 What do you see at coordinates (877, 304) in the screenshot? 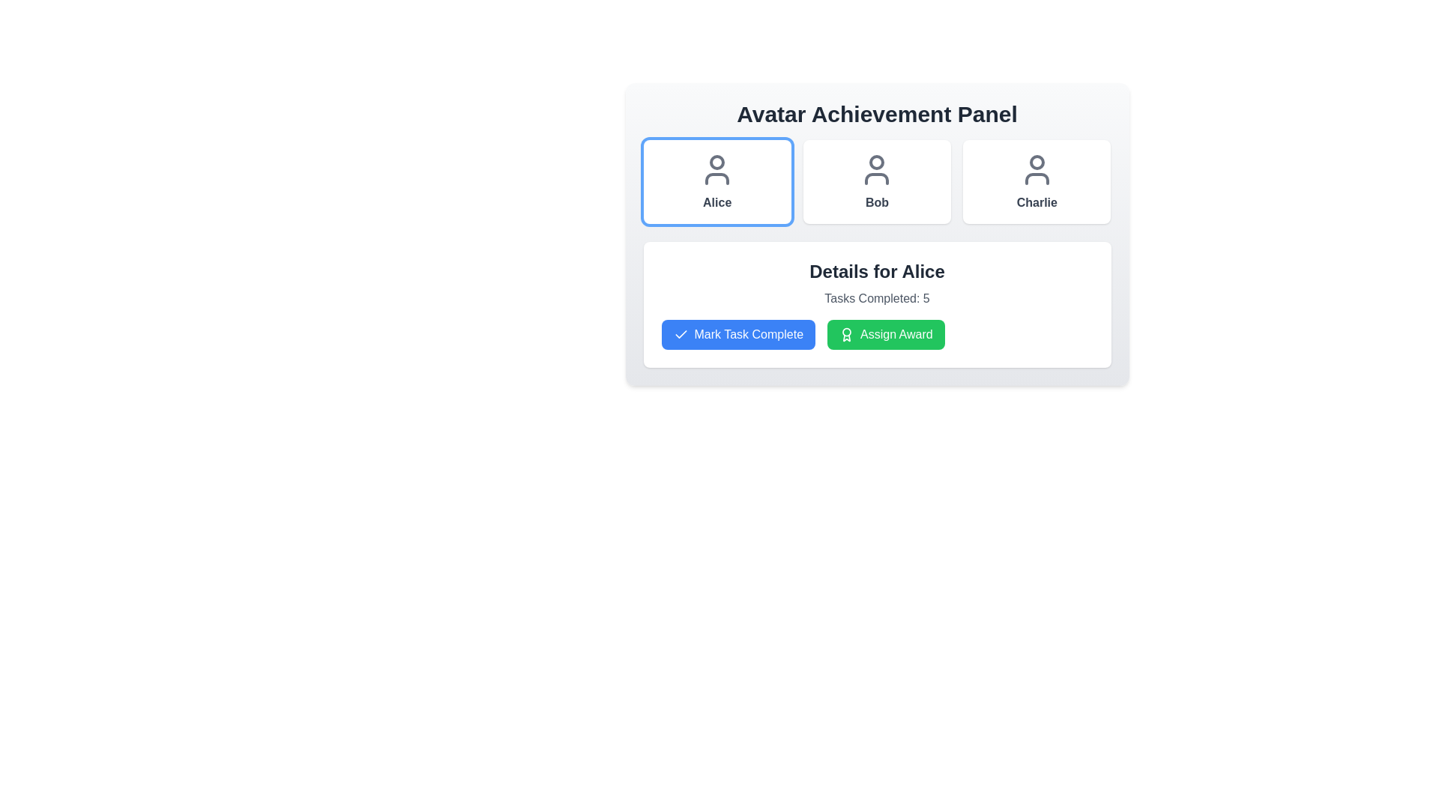
I see `the 'Mark Task Complete' button located within the card titled 'Details for Alice' in the Avatar Achievement Panel` at bounding box center [877, 304].